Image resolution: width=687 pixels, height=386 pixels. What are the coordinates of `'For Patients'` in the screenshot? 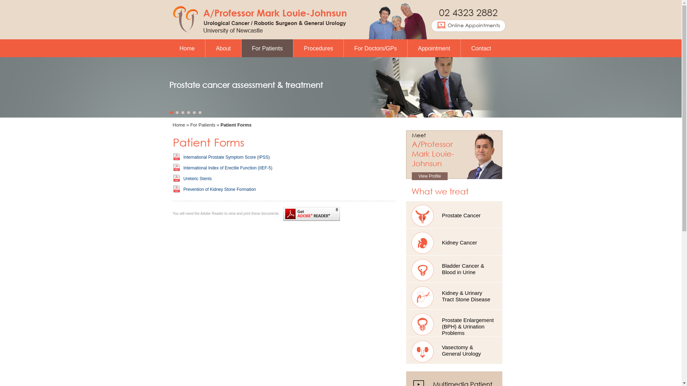 It's located at (267, 48).